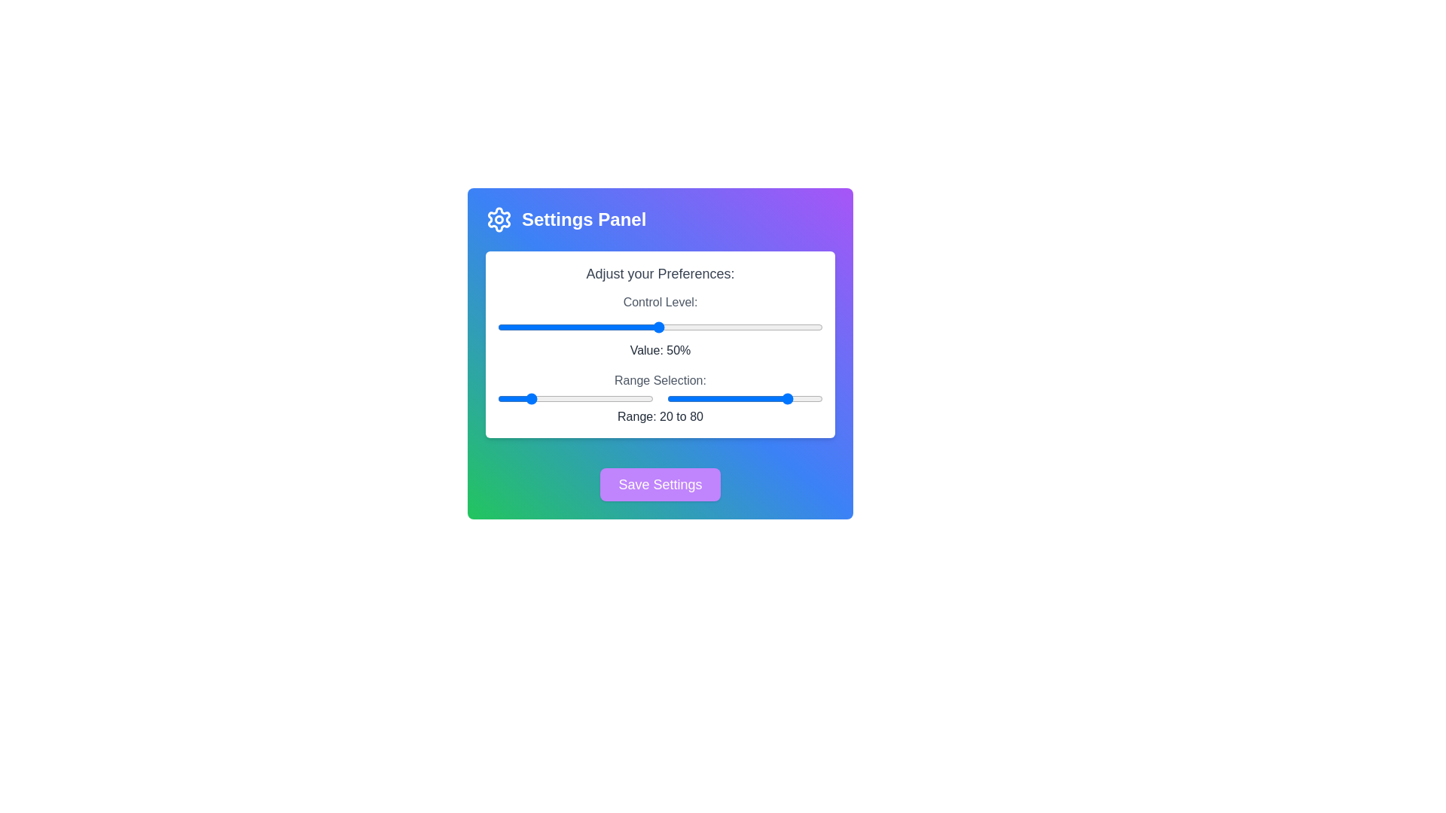  What do you see at coordinates (648, 327) in the screenshot?
I see `the slider value` at bounding box center [648, 327].